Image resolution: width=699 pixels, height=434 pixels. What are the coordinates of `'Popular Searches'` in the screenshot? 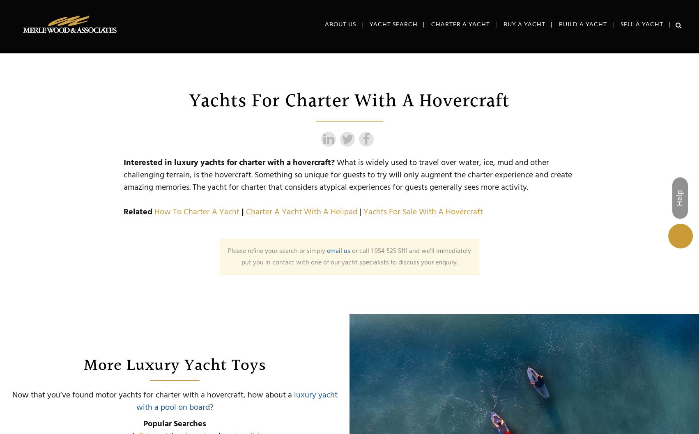 It's located at (175, 424).